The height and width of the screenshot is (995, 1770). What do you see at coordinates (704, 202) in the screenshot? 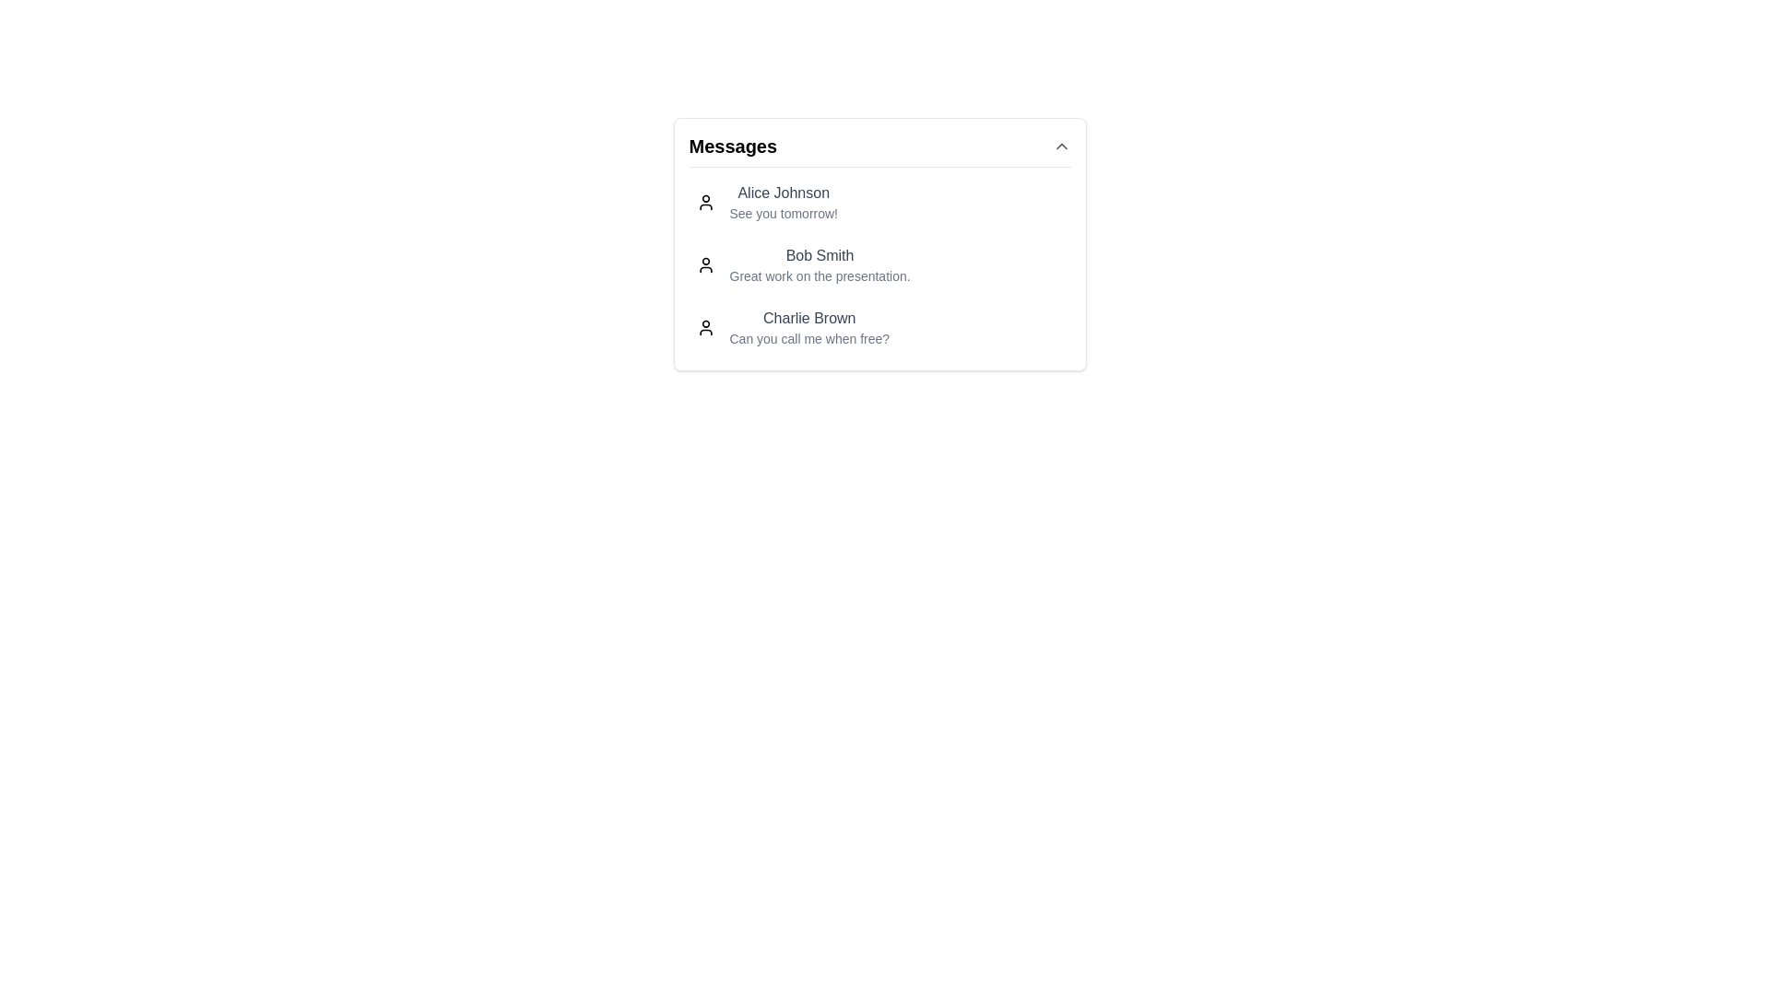
I see `the person-shaped icon located on the topmost row, aligned to the left of the text 'Alice Johnson' and 'See you tomorrow!'` at bounding box center [704, 202].